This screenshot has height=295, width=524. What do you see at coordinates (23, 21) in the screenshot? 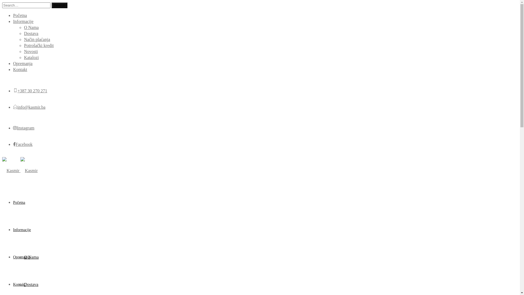
I see `'Informacije'` at bounding box center [23, 21].